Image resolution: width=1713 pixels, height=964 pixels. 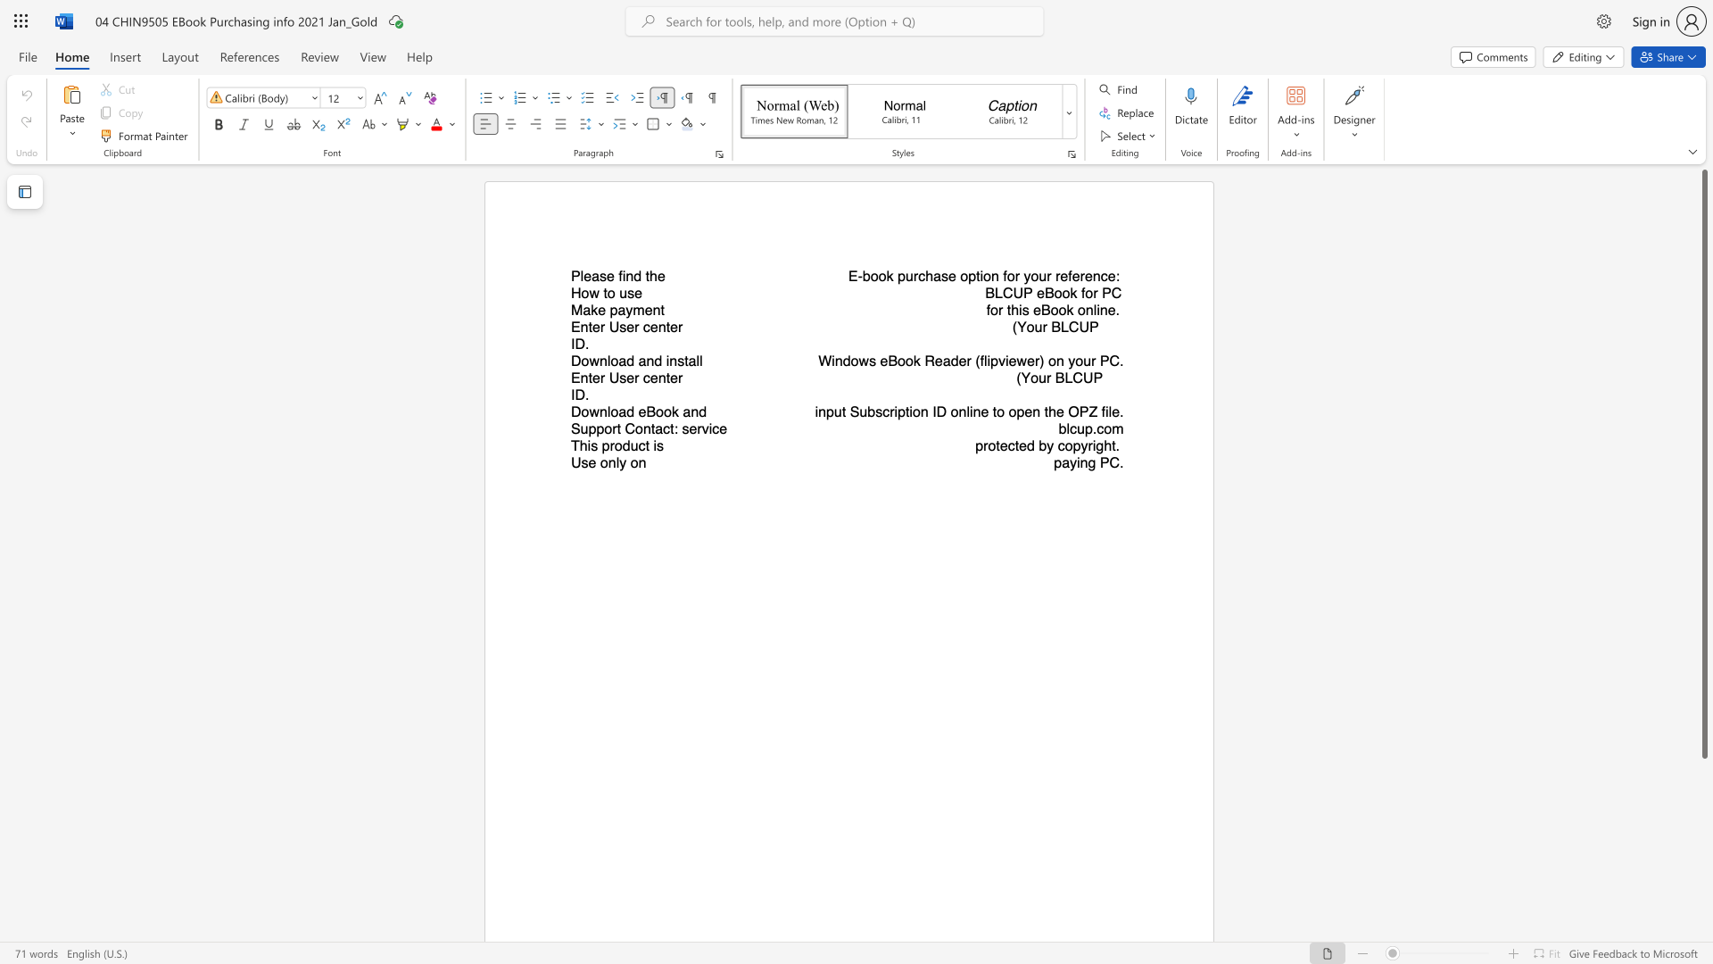 I want to click on the subset text "er" within the text "Enter User center", so click(x=669, y=377).